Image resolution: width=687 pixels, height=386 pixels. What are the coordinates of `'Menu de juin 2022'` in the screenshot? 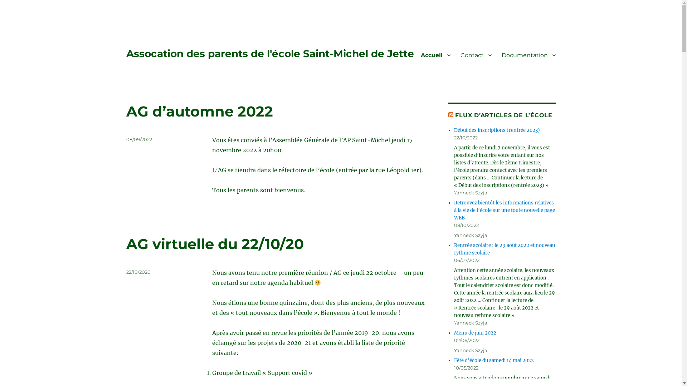 It's located at (475, 333).